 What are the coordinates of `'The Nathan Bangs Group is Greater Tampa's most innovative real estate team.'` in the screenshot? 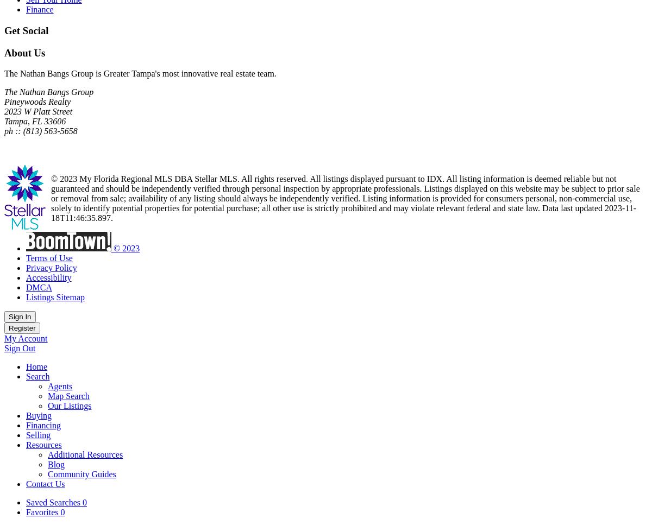 It's located at (140, 73).